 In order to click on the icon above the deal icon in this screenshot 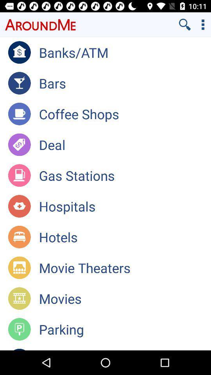, I will do `click(125, 113)`.